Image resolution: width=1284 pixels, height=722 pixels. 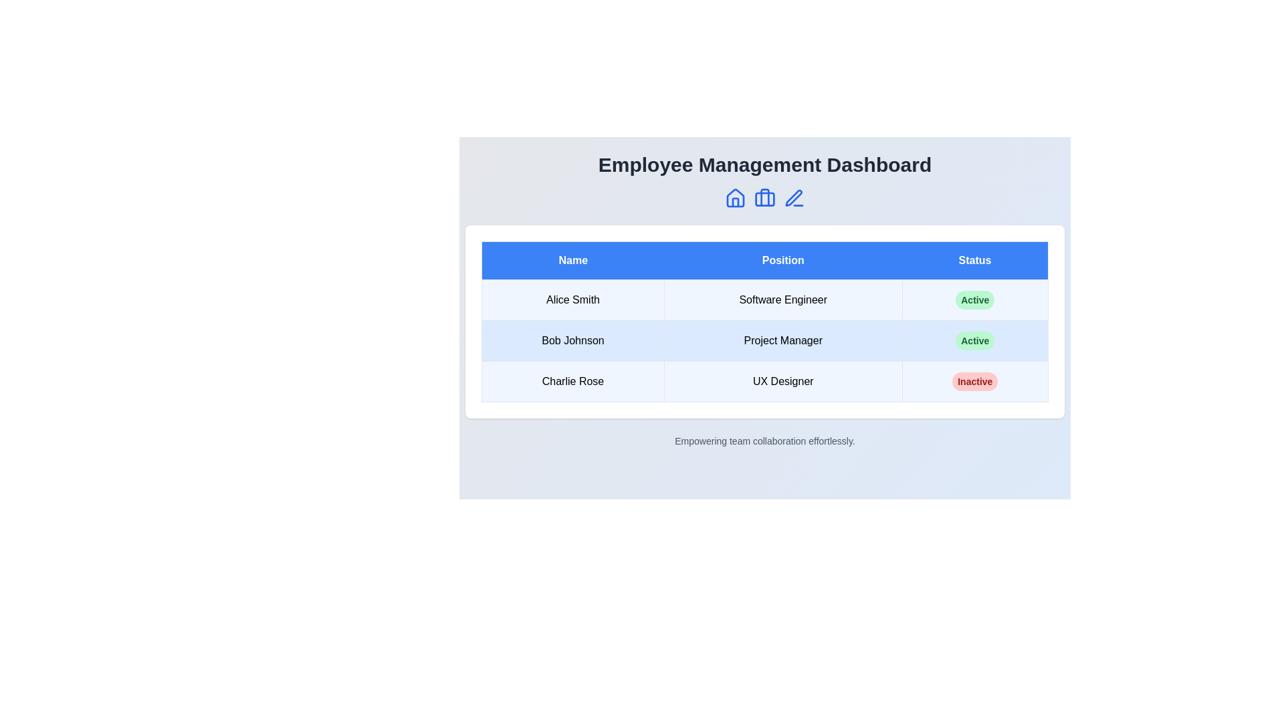 I want to click on the 'Project Manager' label, which is styled in bold black font on a light blue background, located in the second row of the table under the 'Position' column, so click(x=783, y=340).